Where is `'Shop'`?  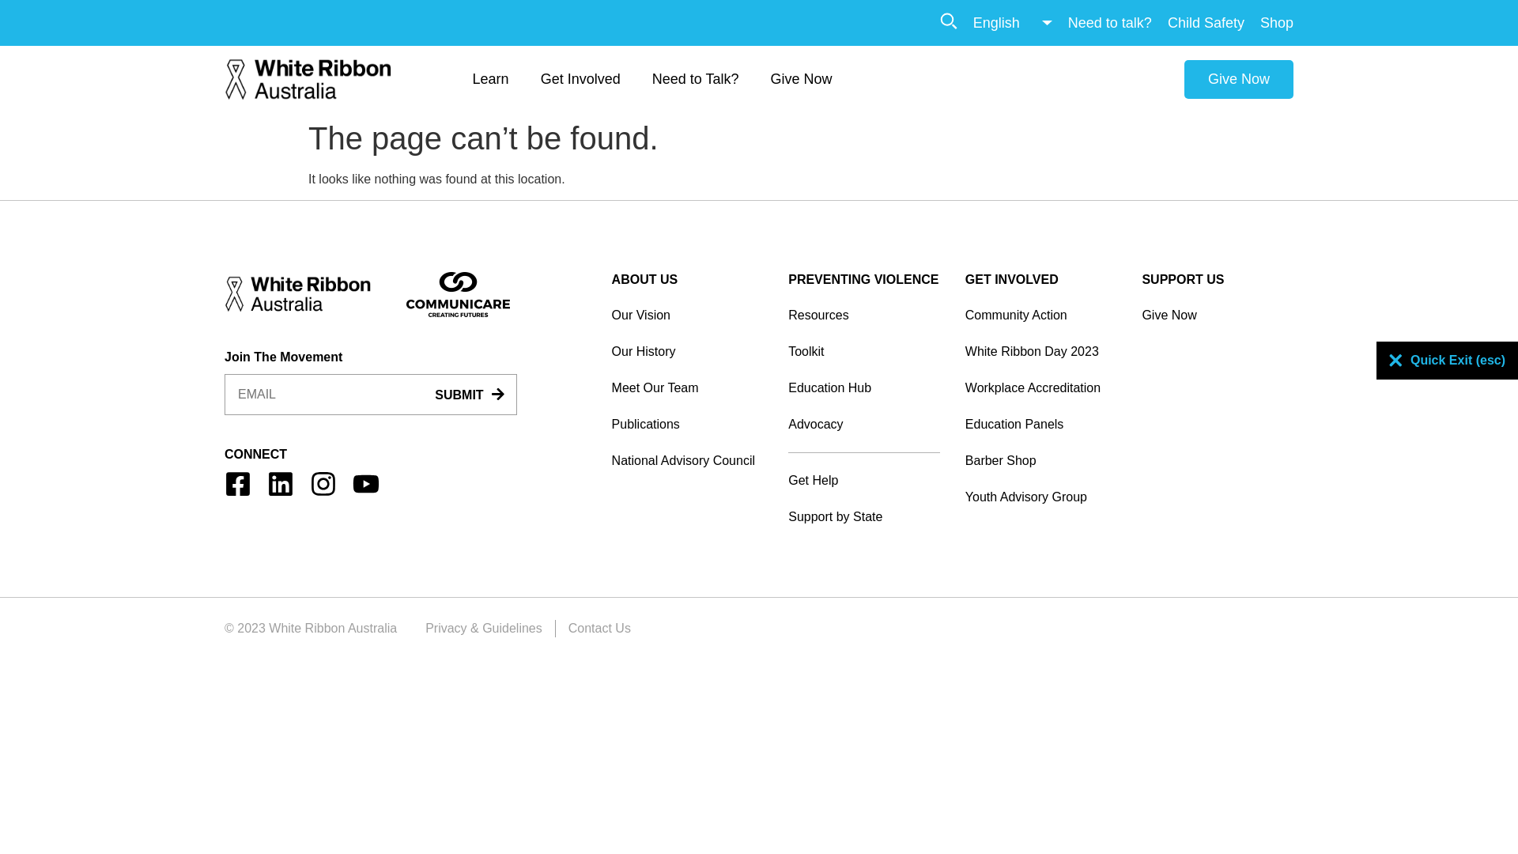
'Shop' is located at coordinates (1276, 22).